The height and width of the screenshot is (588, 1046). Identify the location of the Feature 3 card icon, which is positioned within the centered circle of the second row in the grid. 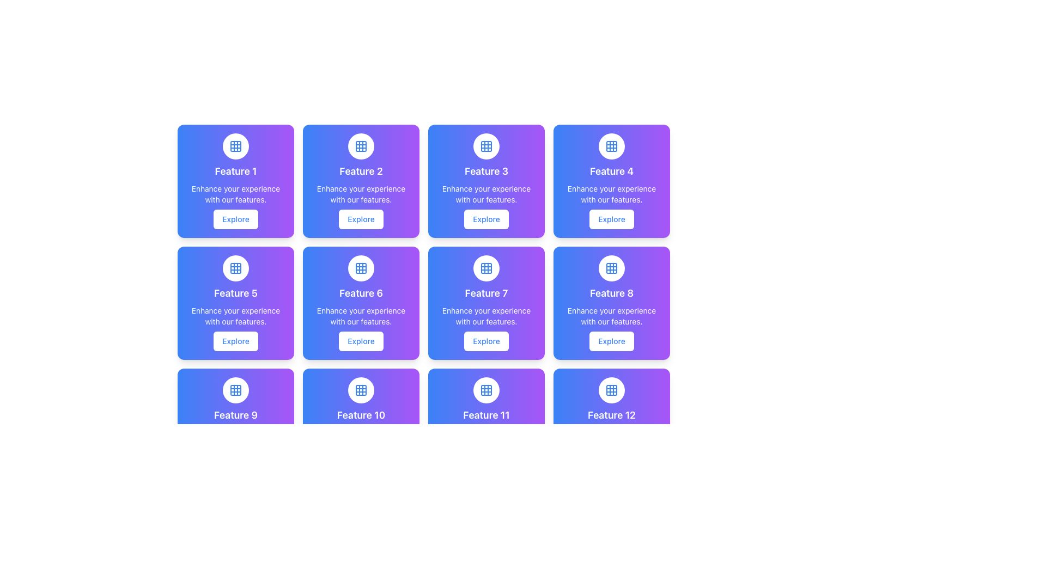
(485, 146).